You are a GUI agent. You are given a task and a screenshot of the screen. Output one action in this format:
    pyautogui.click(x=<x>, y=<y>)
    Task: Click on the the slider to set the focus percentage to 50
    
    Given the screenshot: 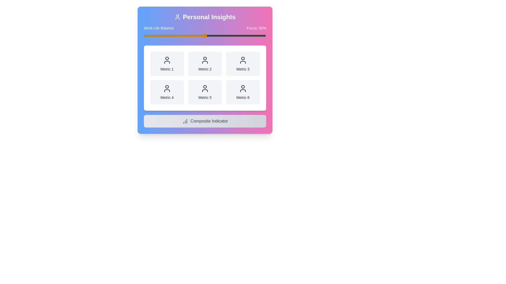 What is the action you would take?
    pyautogui.click(x=205, y=35)
    